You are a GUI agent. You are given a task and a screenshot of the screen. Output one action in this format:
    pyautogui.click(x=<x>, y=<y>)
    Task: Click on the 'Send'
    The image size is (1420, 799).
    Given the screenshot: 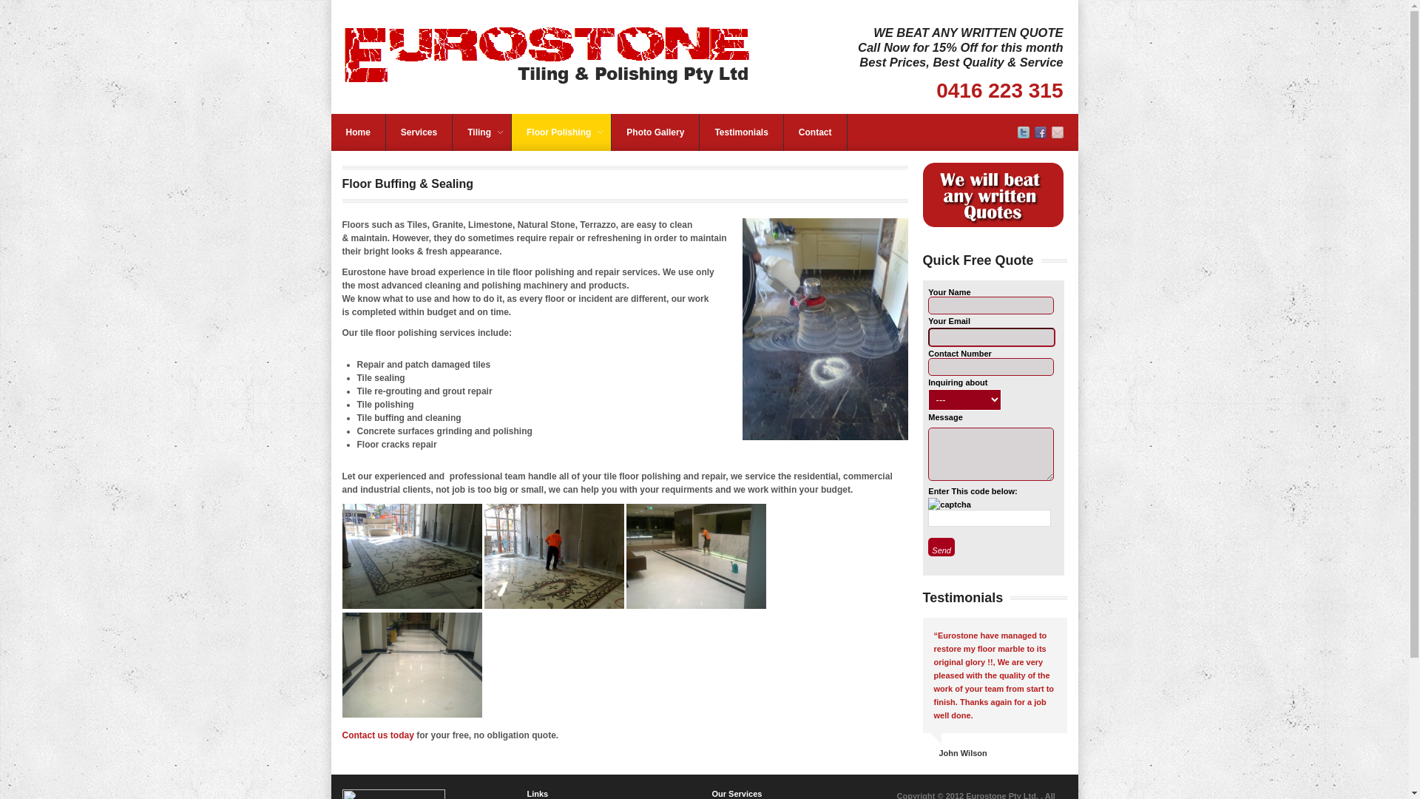 What is the action you would take?
    pyautogui.click(x=940, y=547)
    